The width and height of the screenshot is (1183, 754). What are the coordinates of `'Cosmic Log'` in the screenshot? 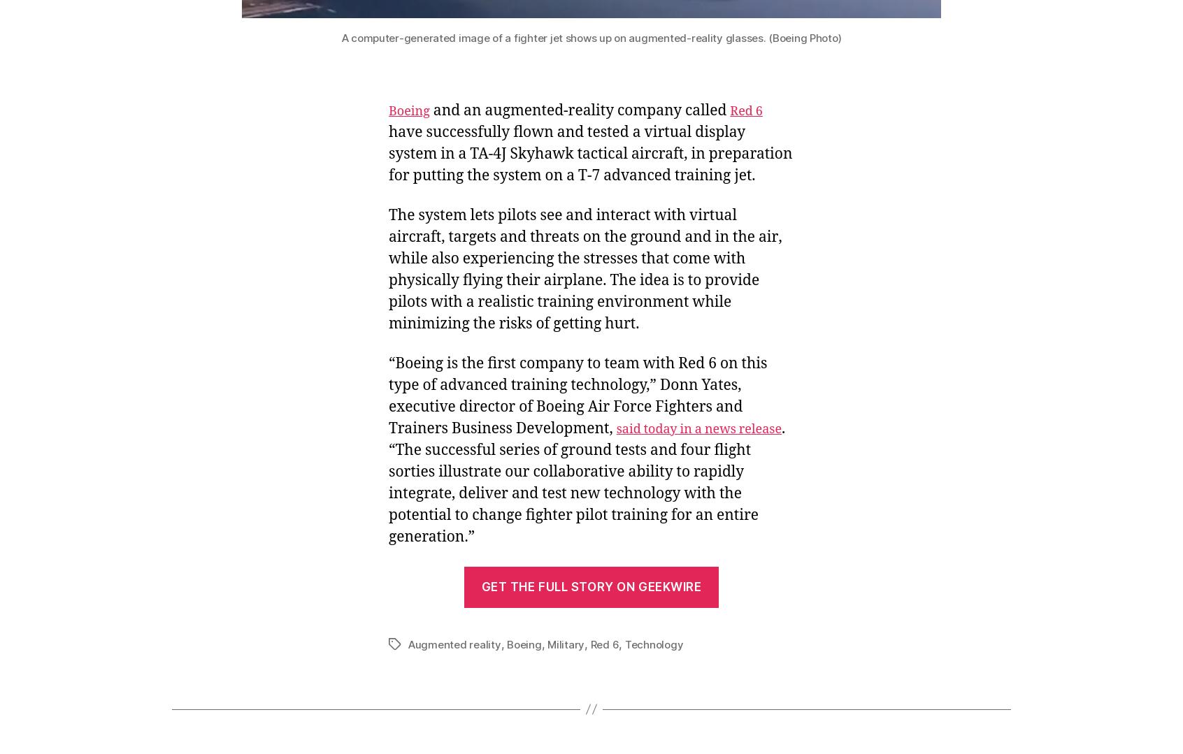 It's located at (255, 604).